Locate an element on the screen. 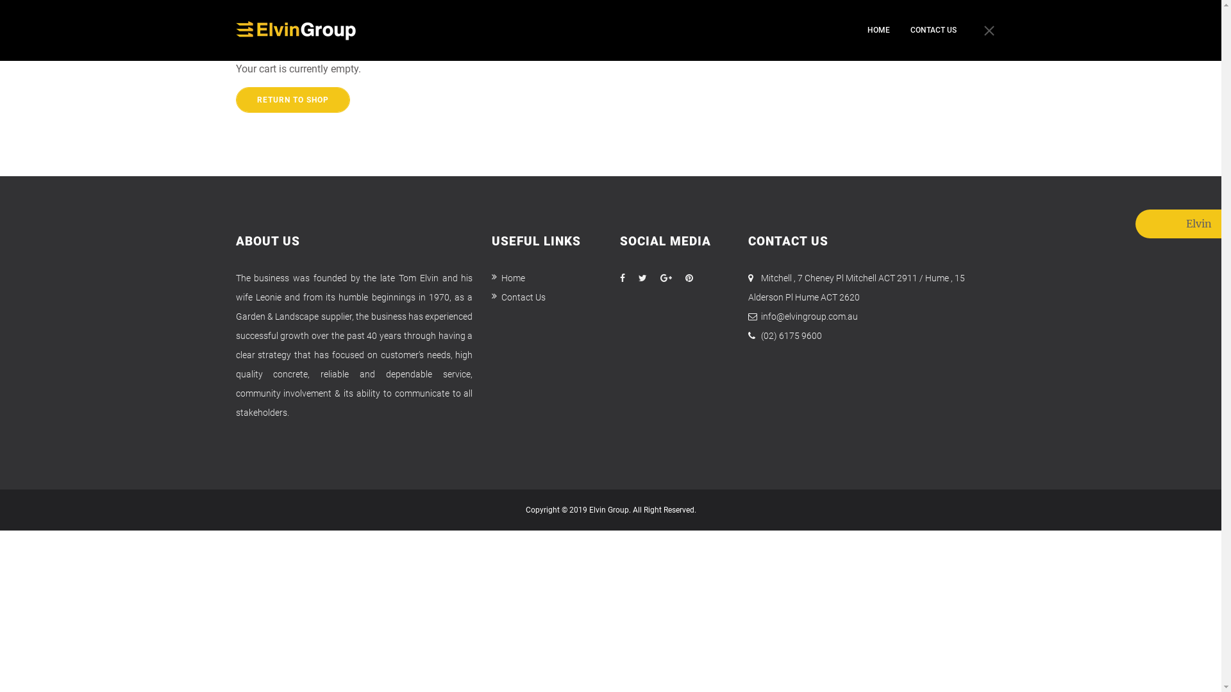 The image size is (1231, 692). 'info@elvingroup.com.au' is located at coordinates (760, 316).